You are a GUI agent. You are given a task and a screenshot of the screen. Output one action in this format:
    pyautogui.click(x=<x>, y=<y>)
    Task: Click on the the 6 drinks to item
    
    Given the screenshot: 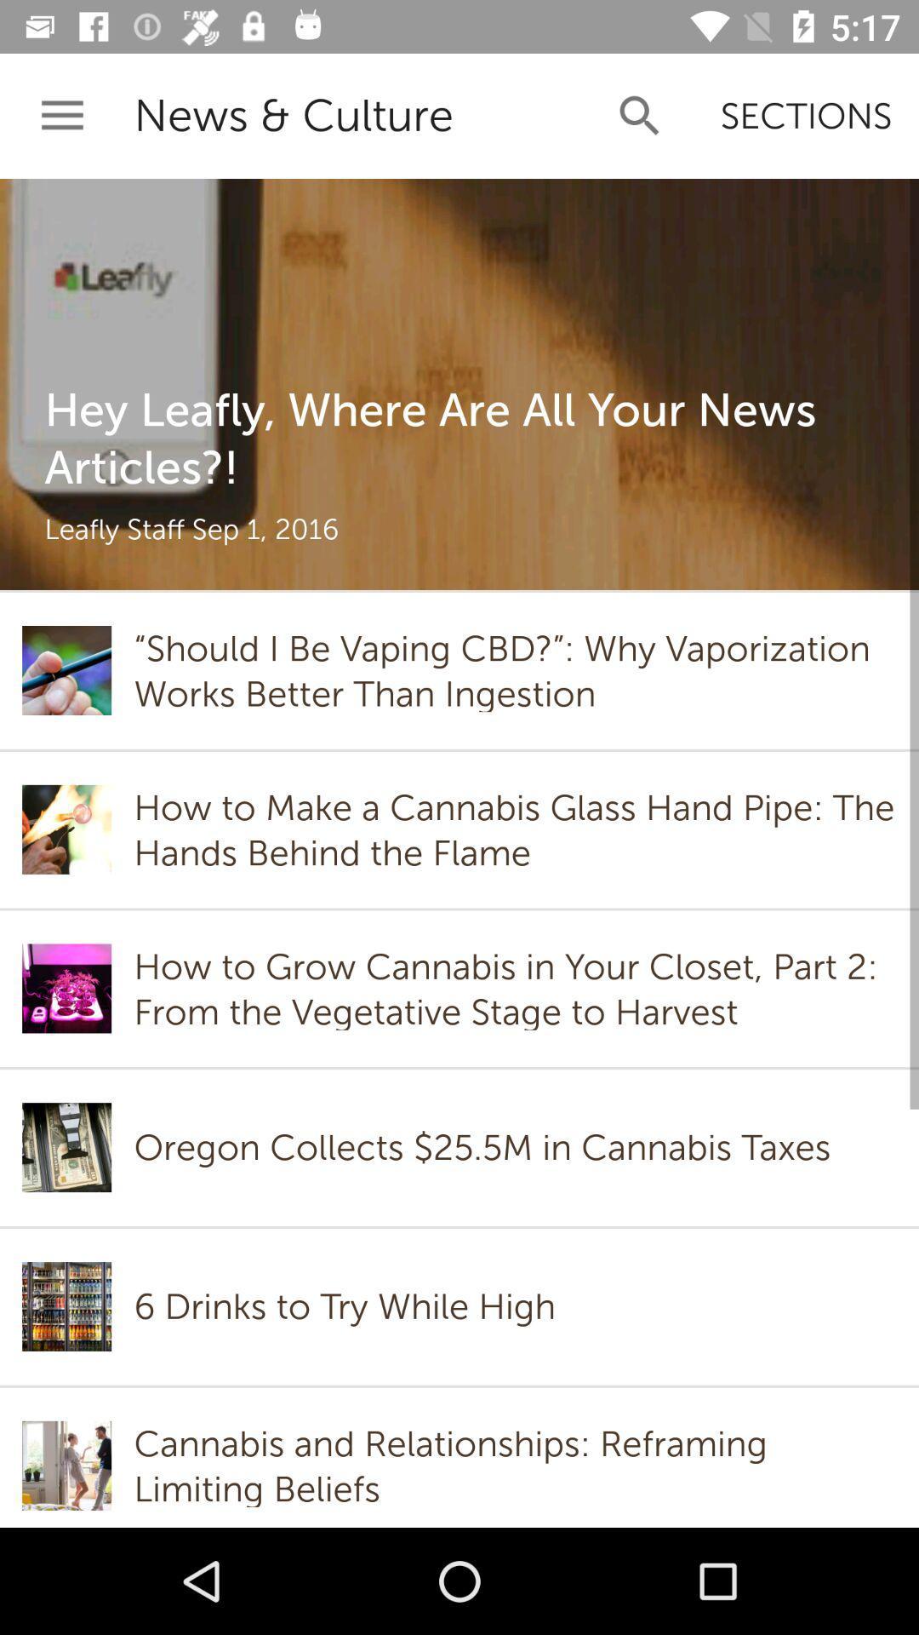 What is the action you would take?
    pyautogui.click(x=345, y=1305)
    